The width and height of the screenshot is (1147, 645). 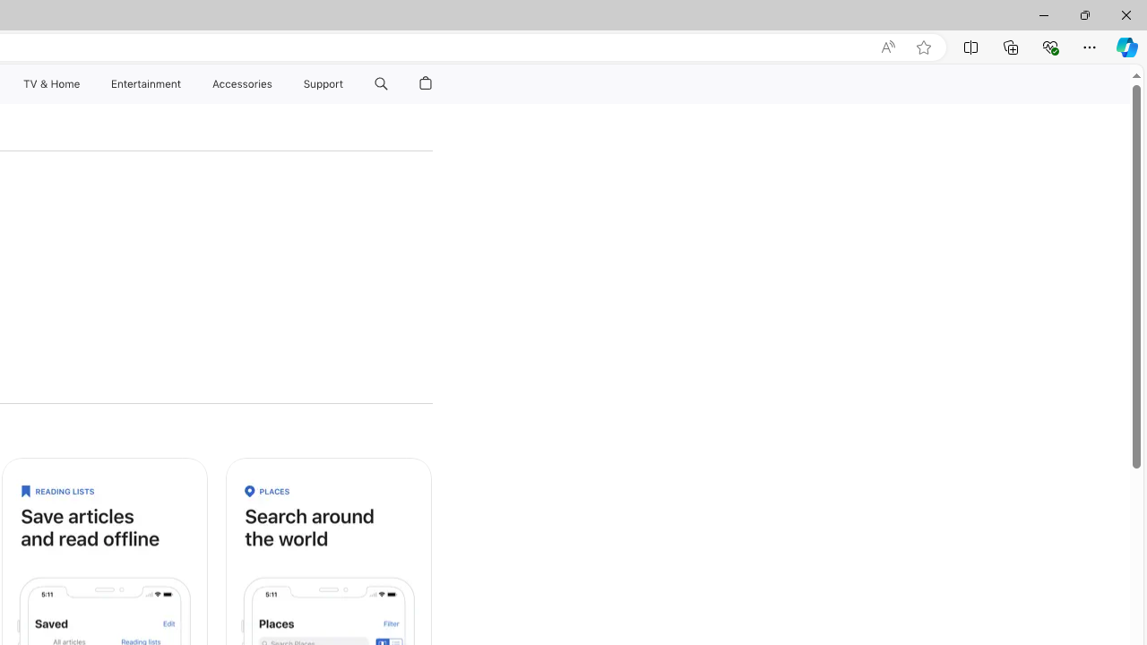 I want to click on 'Class: globalnav-item globalnav-search', so click(x=380, y=83).